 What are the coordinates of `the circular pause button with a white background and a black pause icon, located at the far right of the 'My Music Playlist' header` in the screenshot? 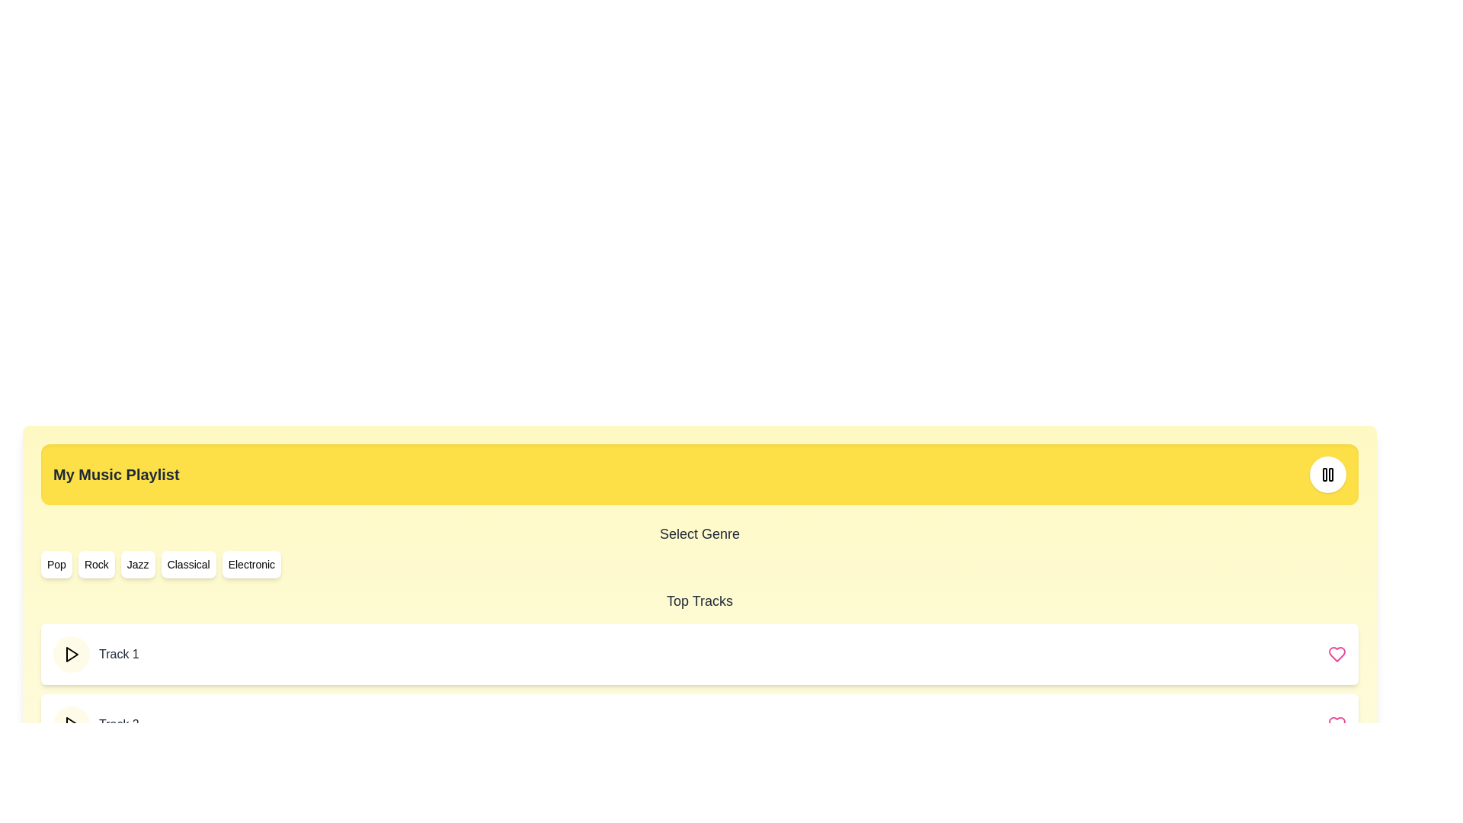 It's located at (1327, 474).